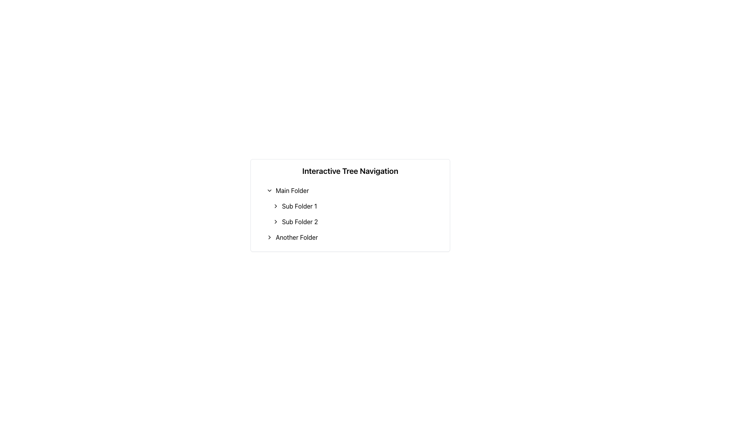 The width and height of the screenshot is (749, 421). What do you see at coordinates (270, 237) in the screenshot?
I see `the chevron icon located to the left of the text 'Another Folder'` at bounding box center [270, 237].